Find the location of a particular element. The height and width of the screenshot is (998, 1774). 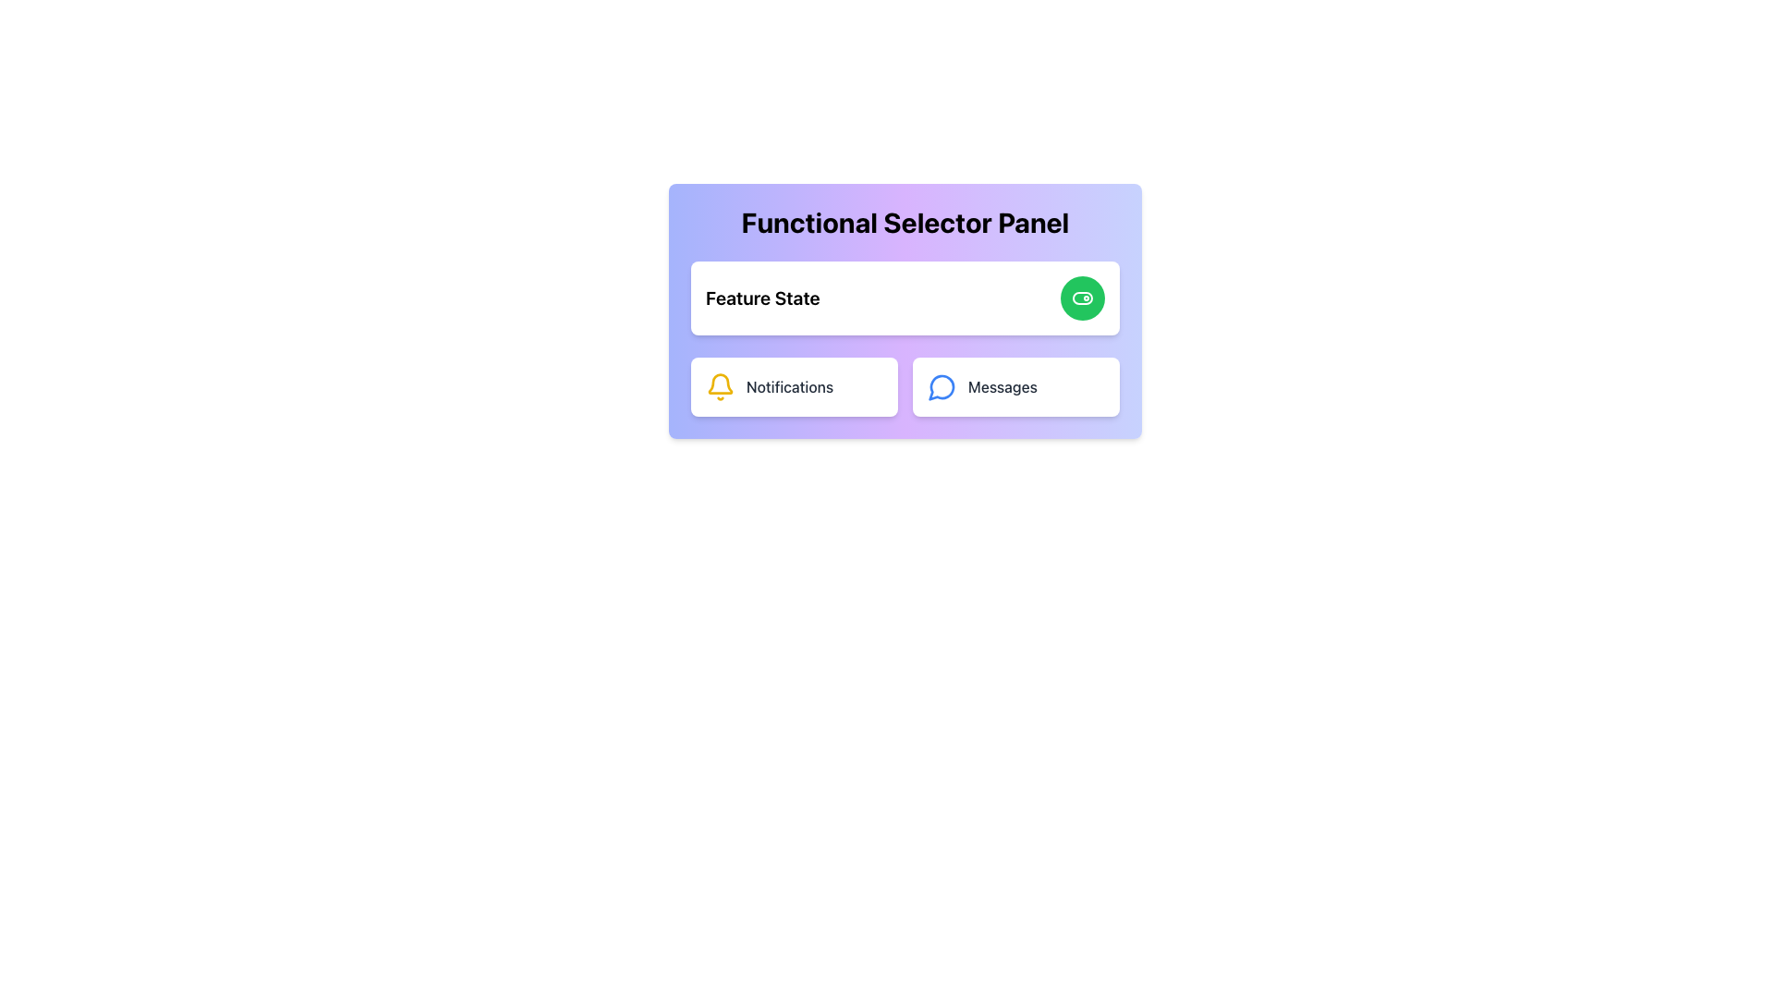

the toggle switch located at the top-right corner in the 'Feature State' section is located at coordinates (1082, 298).